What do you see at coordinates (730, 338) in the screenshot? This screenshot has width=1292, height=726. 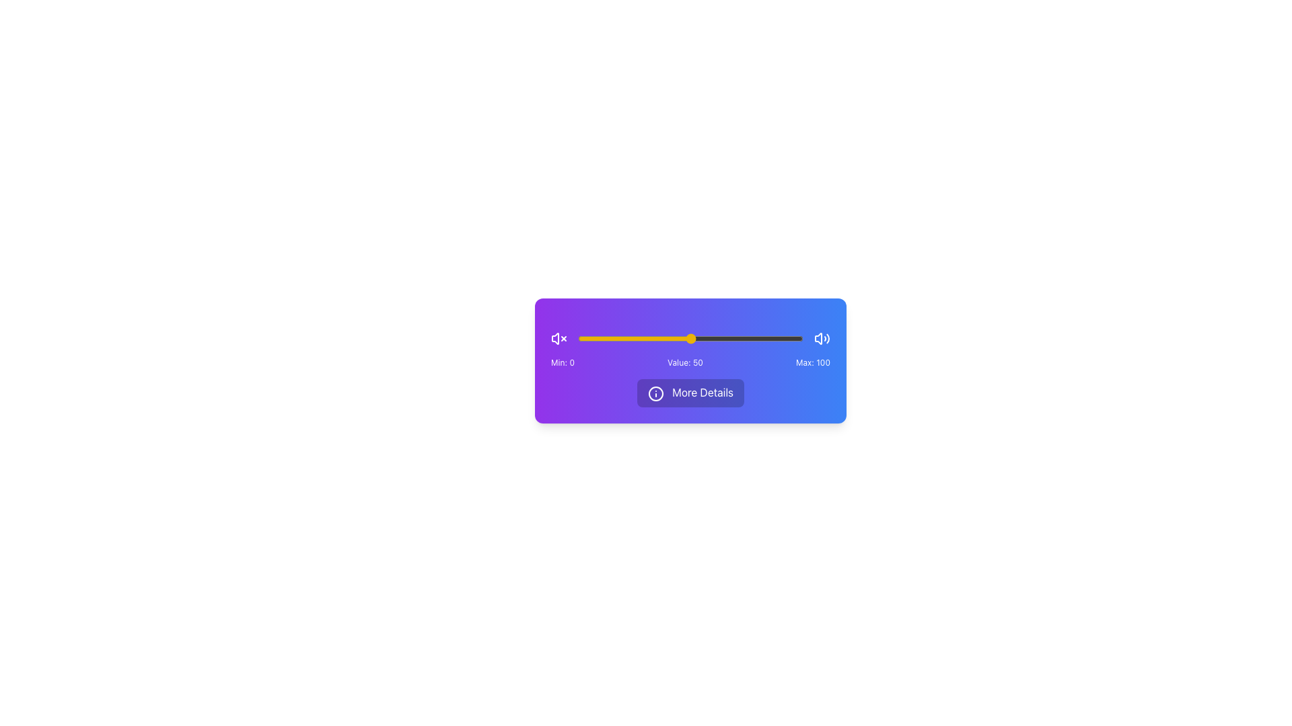 I see `the slider value` at bounding box center [730, 338].